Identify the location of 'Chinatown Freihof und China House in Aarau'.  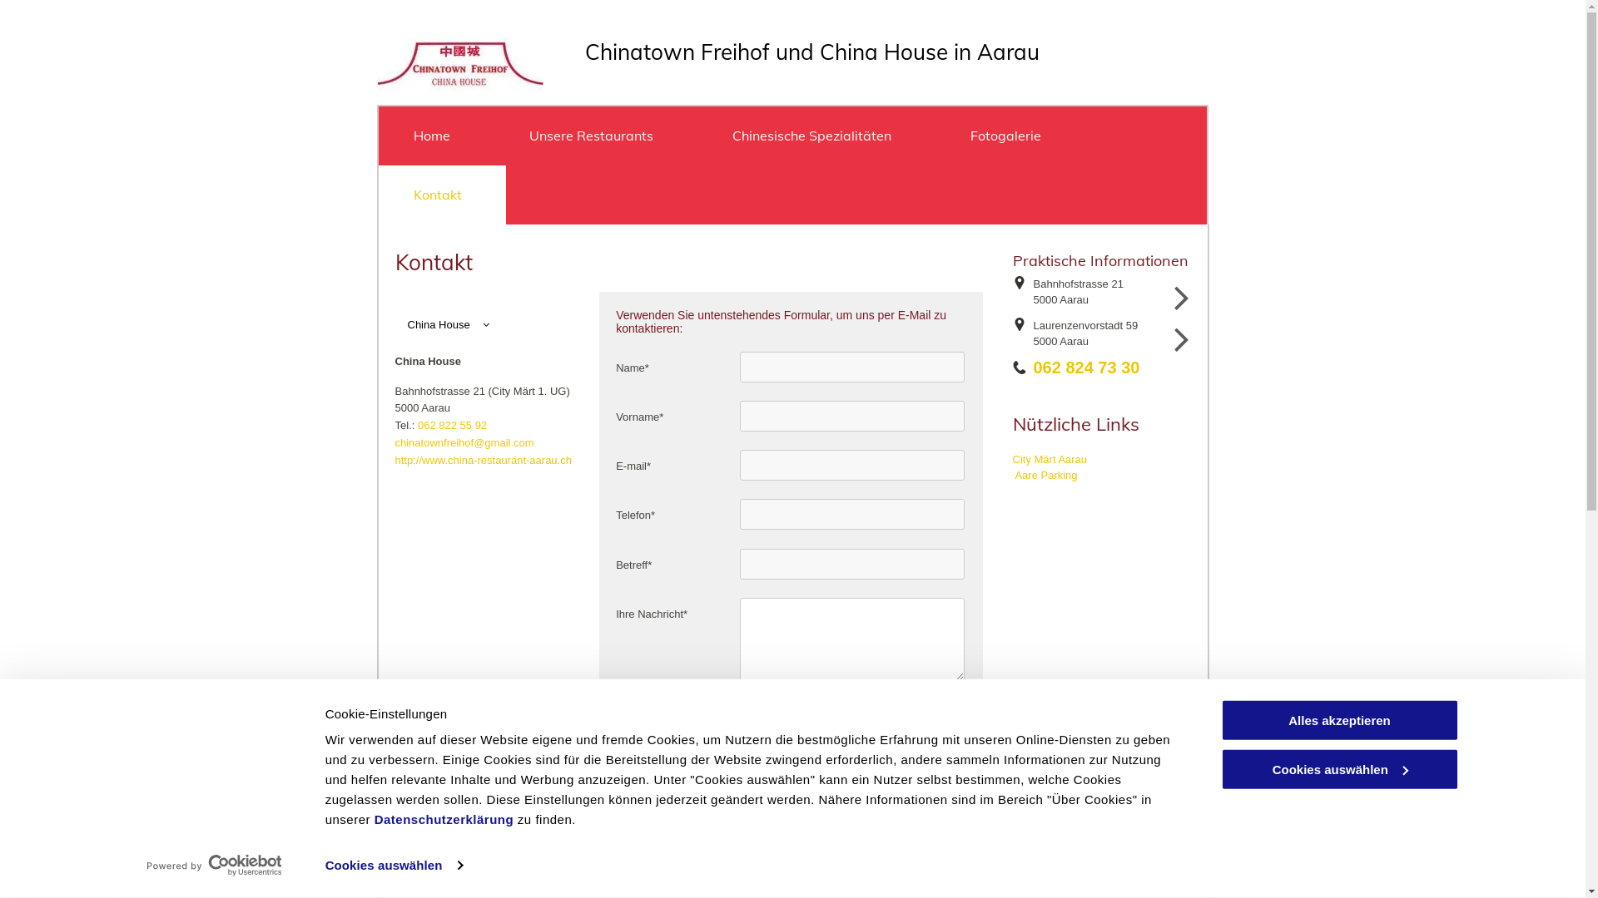
(811, 51).